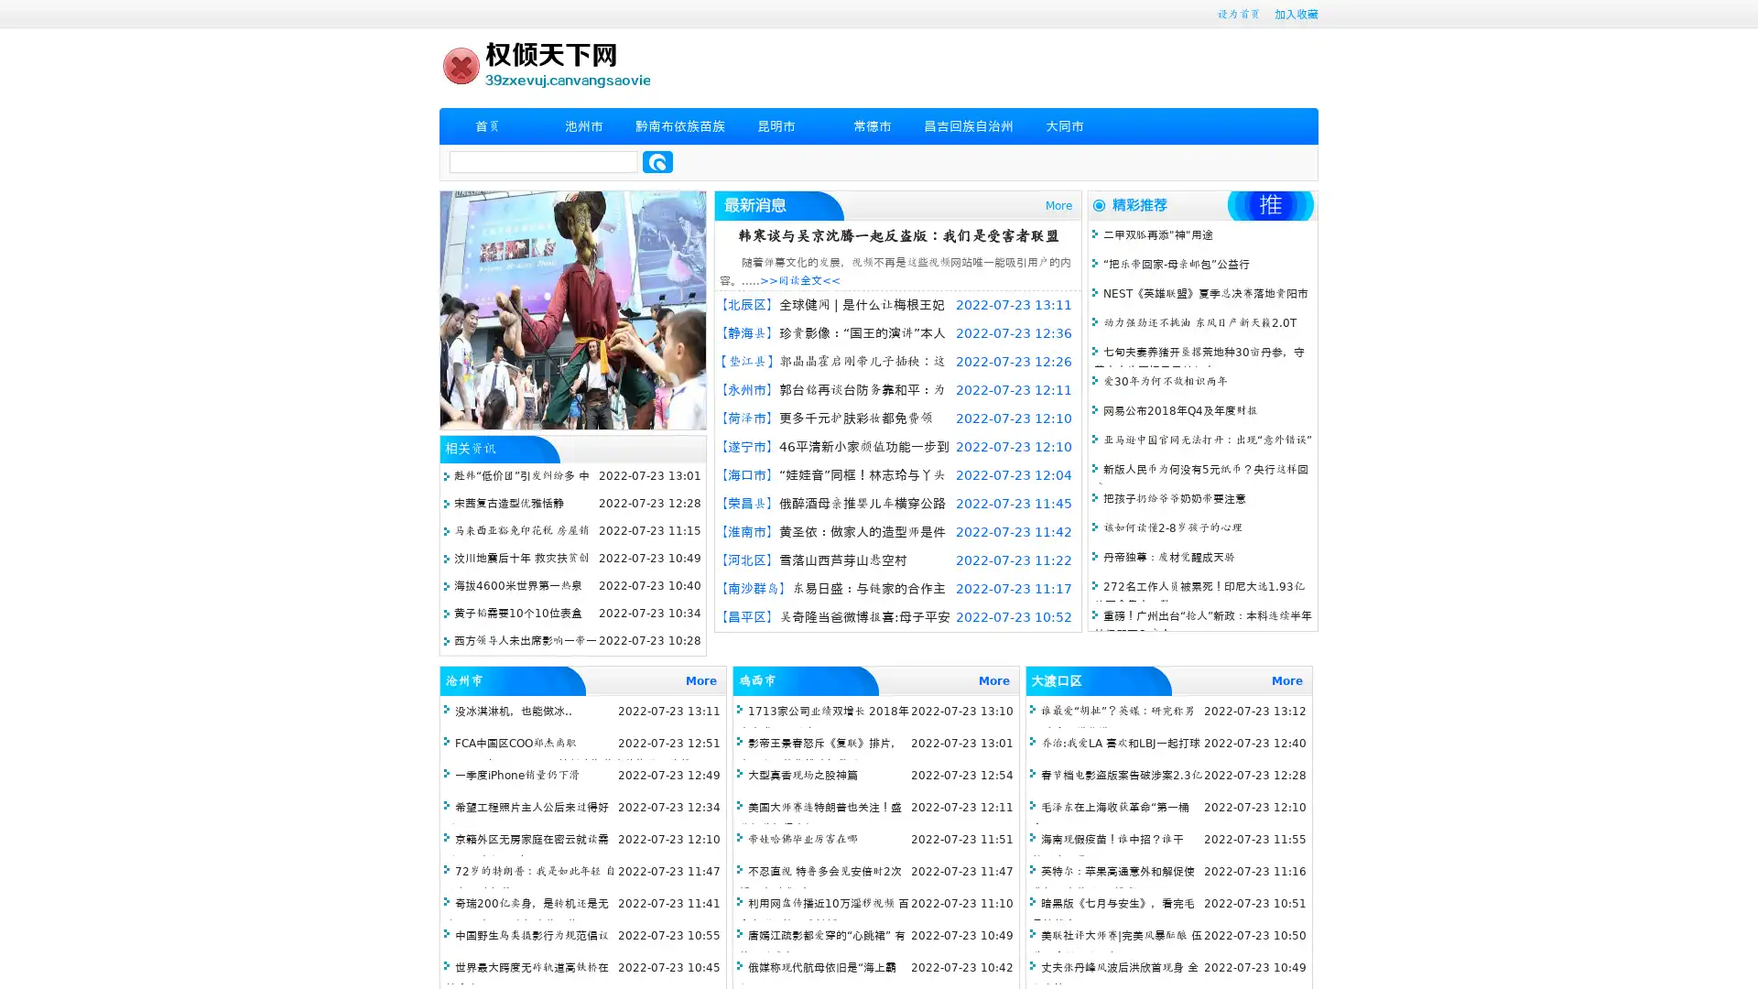 The width and height of the screenshot is (1758, 989). I want to click on Search, so click(657, 161).